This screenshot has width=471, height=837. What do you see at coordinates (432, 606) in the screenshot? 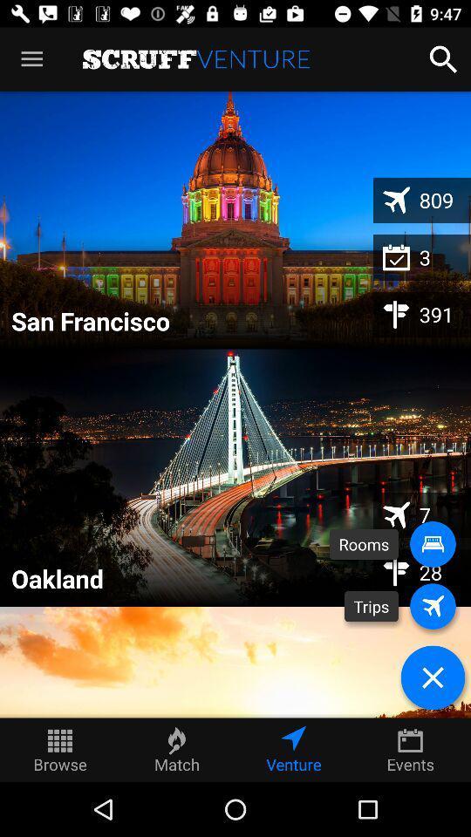
I see `the flight icon` at bounding box center [432, 606].